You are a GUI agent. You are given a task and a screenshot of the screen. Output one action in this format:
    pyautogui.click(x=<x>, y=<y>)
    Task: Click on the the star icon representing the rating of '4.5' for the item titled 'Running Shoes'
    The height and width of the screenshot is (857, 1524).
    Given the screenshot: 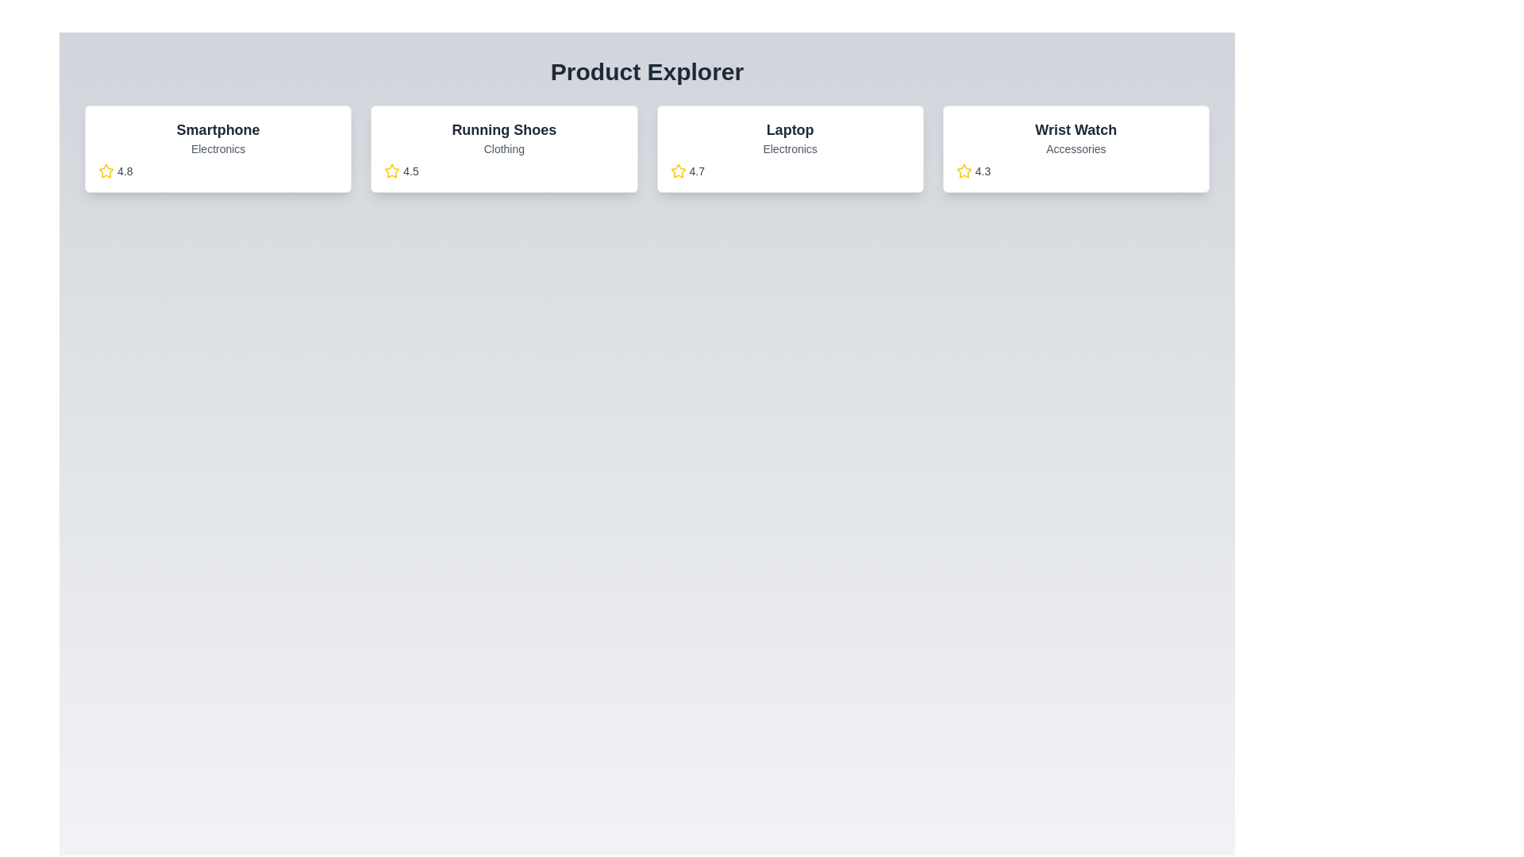 What is the action you would take?
    pyautogui.click(x=392, y=171)
    